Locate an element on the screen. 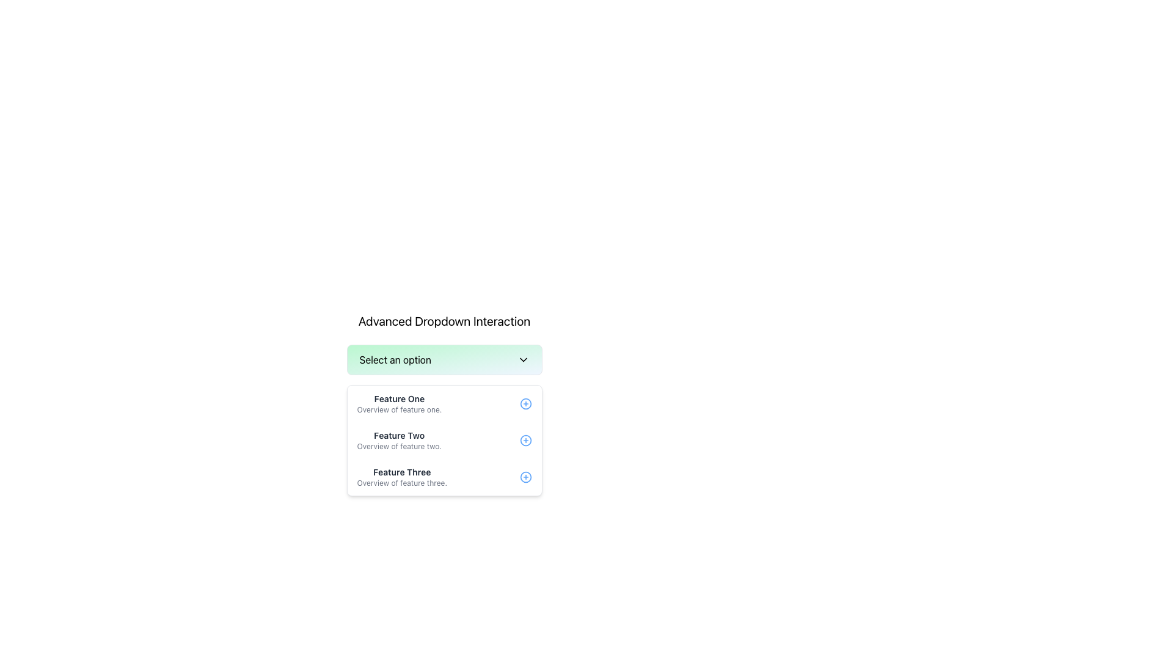  to select the list item titled 'Feature Three' which has a bold title and a descriptive subtitle, located as the third item in the vertical list is located at coordinates (444, 476).